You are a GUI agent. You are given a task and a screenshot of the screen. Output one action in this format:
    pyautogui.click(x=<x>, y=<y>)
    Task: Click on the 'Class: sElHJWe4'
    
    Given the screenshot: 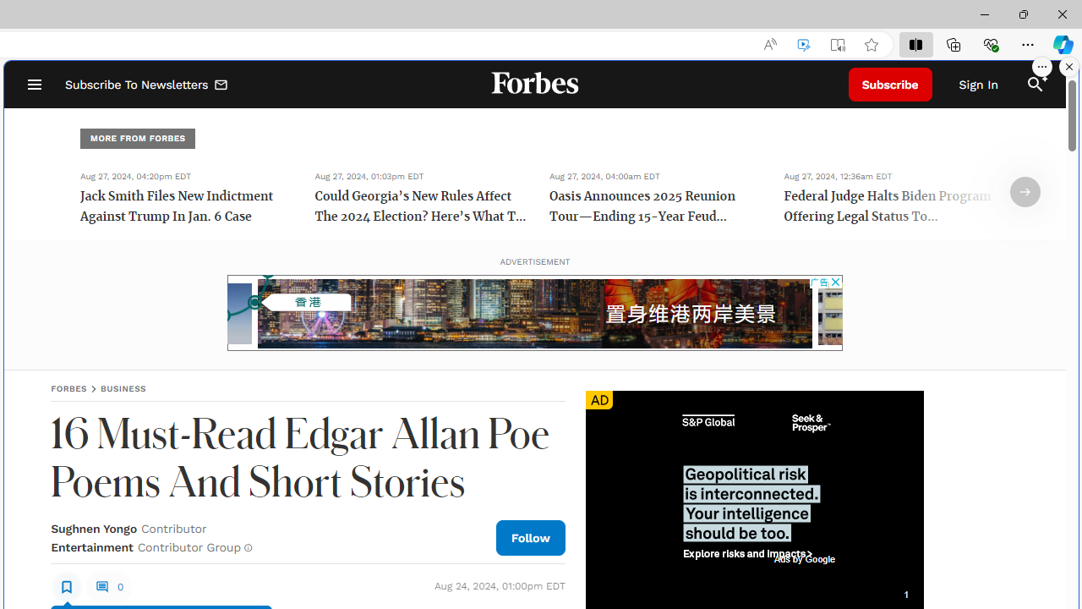 What is the action you would take?
    pyautogui.click(x=67, y=585)
    